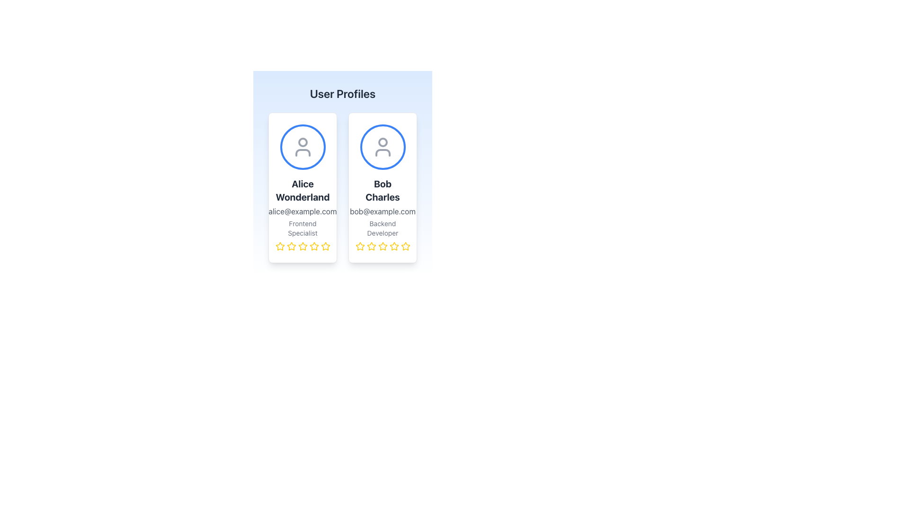  What do you see at coordinates (291, 246) in the screenshot?
I see `the third star-shaped rating icon in a sequence of five yellow stars located below the name 'Alice Wonderland'` at bounding box center [291, 246].